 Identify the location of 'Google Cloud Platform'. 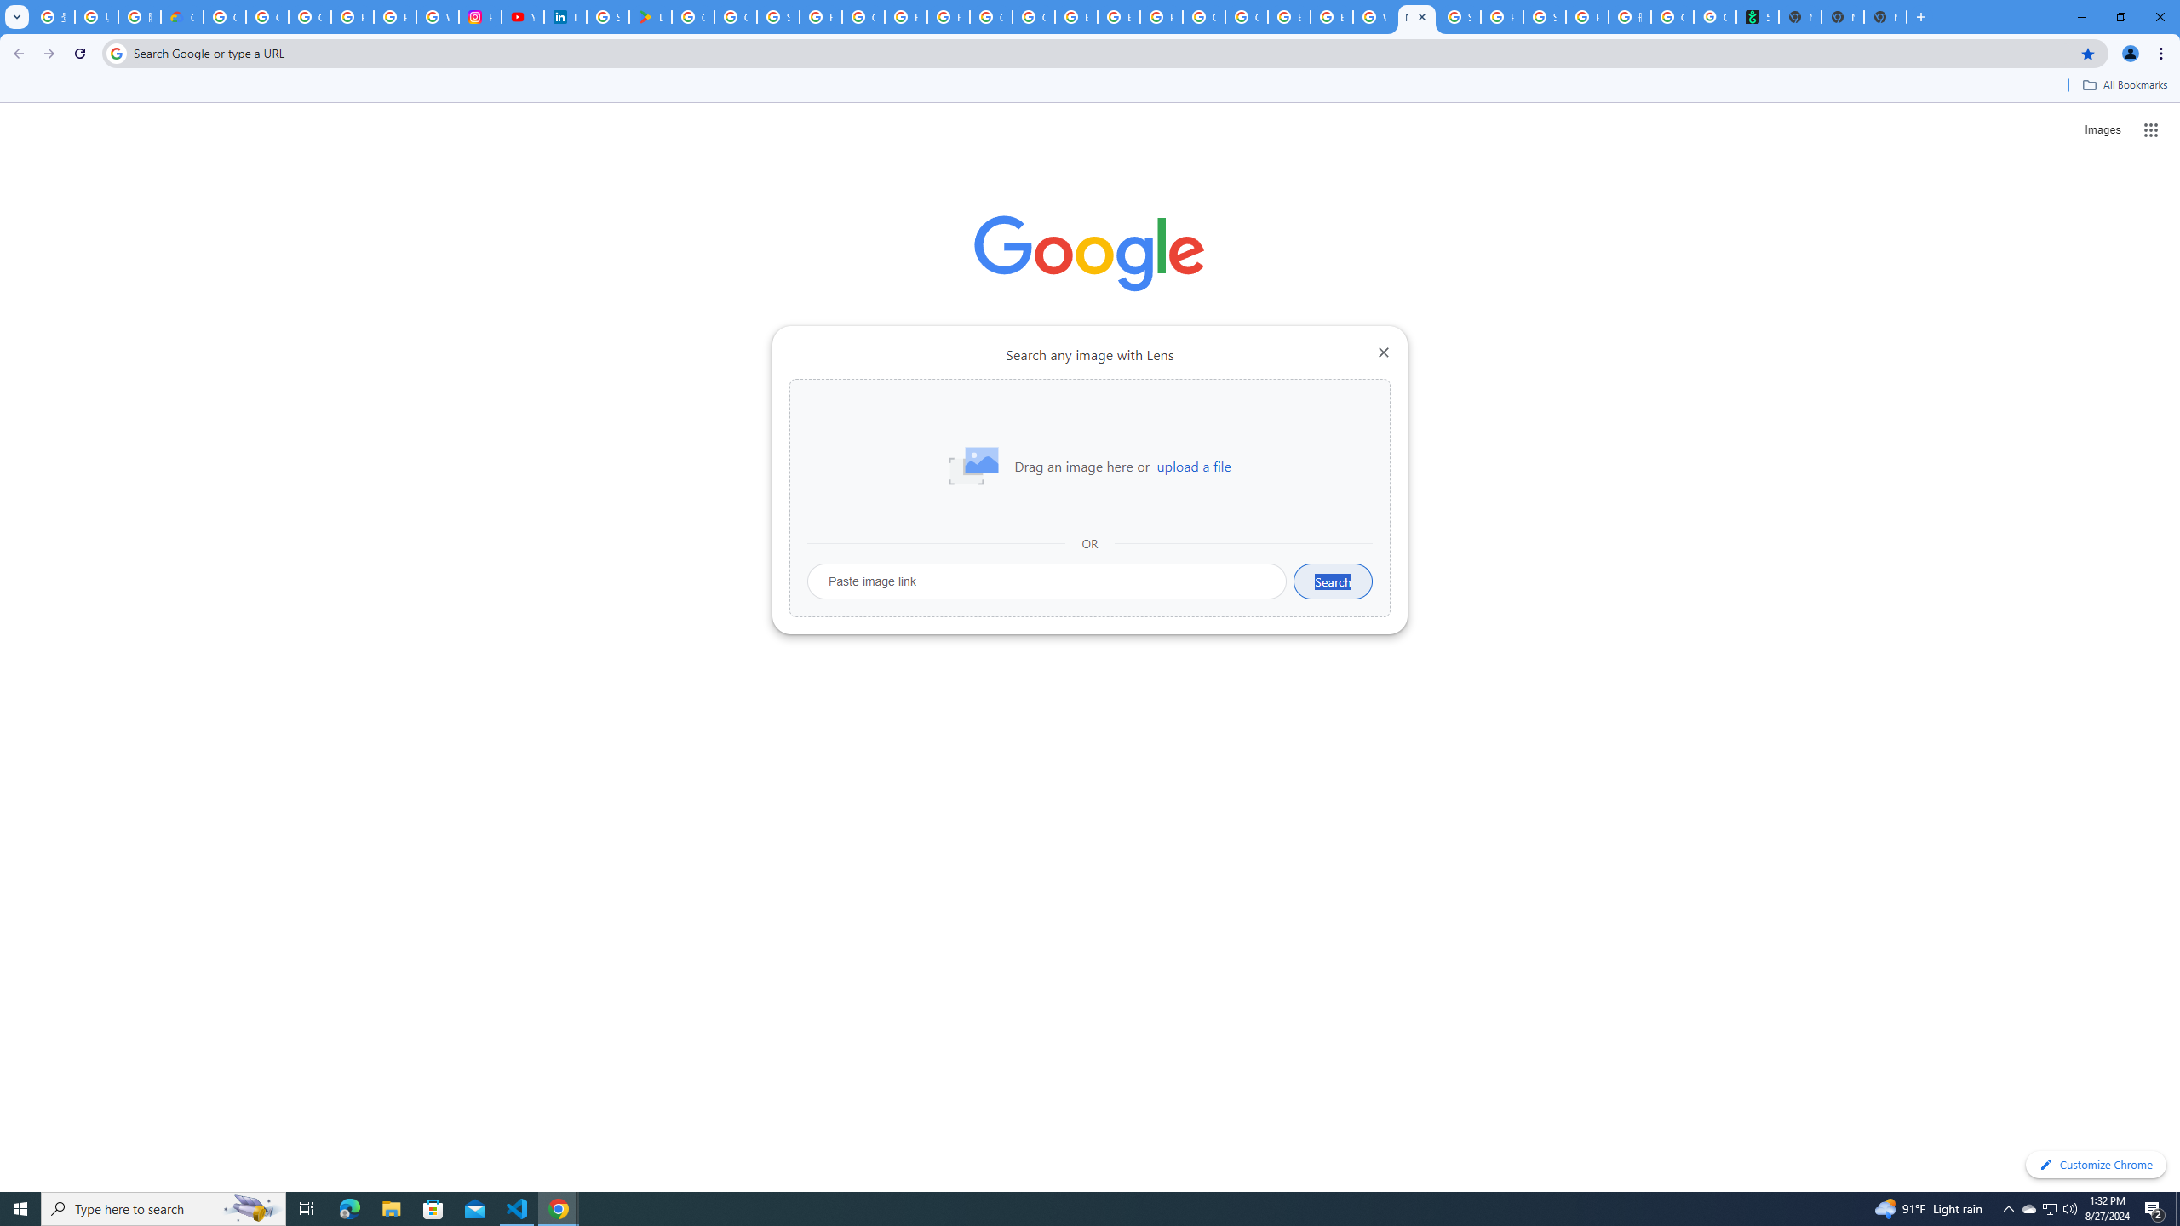
(1204, 16).